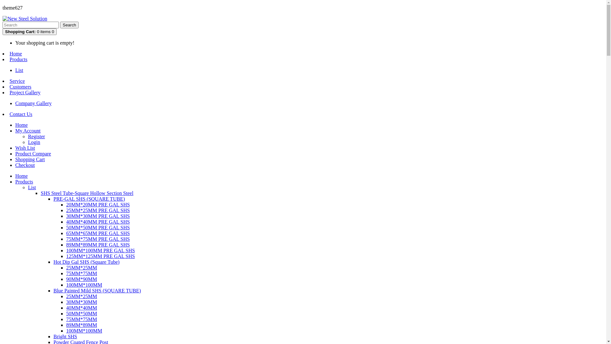 Image resolution: width=611 pixels, height=344 pixels. I want to click on 'List', so click(19, 70).